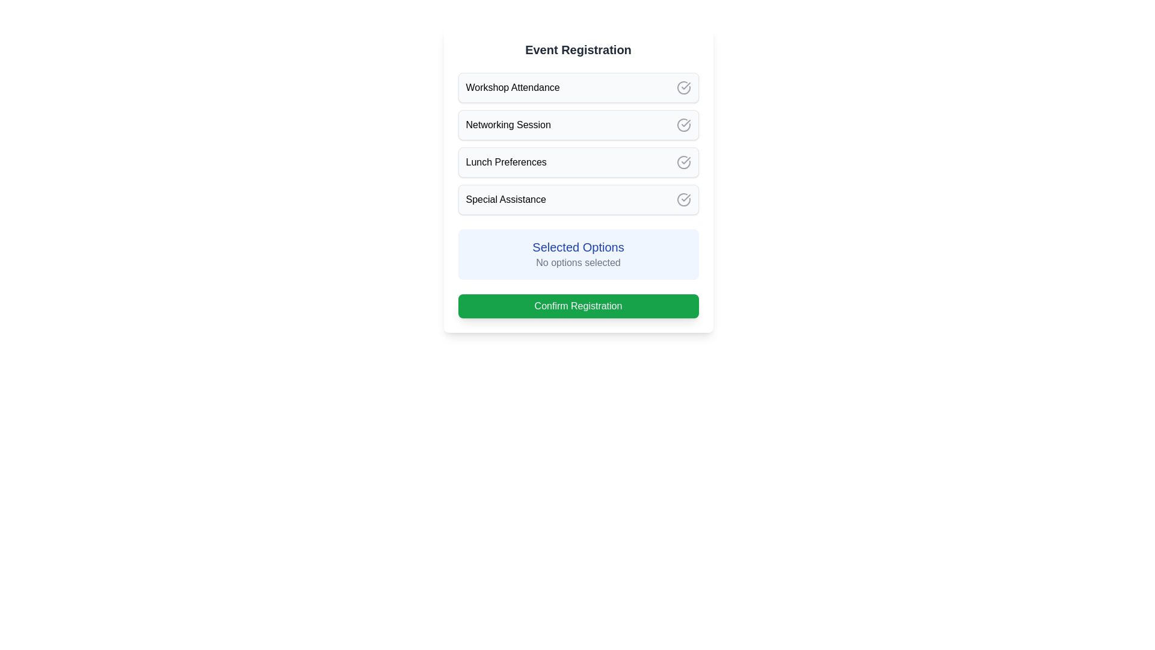 The image size is (1155, 650). Describe the element at coordinates (683, 125) in the screenshot. I see `the Checkmark Circle icon indicating the selected state for the 'Networking Session' option in the Event Registration form` at that location.